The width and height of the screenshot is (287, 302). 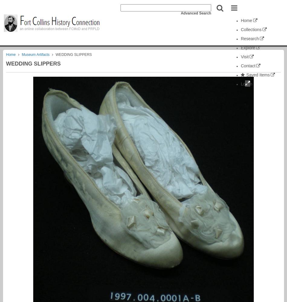 What do you see at coordinates (249, 38) in the screenshot?
I see `'Research'` at bounding box center [249, 38].